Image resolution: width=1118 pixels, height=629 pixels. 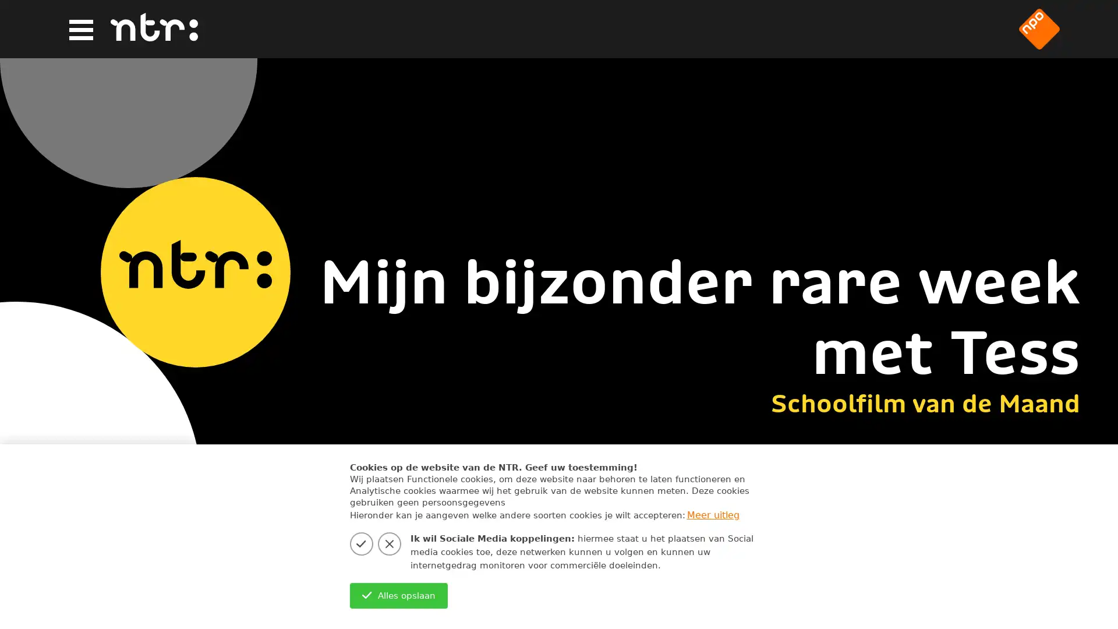 I want to click on Alles opslaan, so click(x=398, y=595).